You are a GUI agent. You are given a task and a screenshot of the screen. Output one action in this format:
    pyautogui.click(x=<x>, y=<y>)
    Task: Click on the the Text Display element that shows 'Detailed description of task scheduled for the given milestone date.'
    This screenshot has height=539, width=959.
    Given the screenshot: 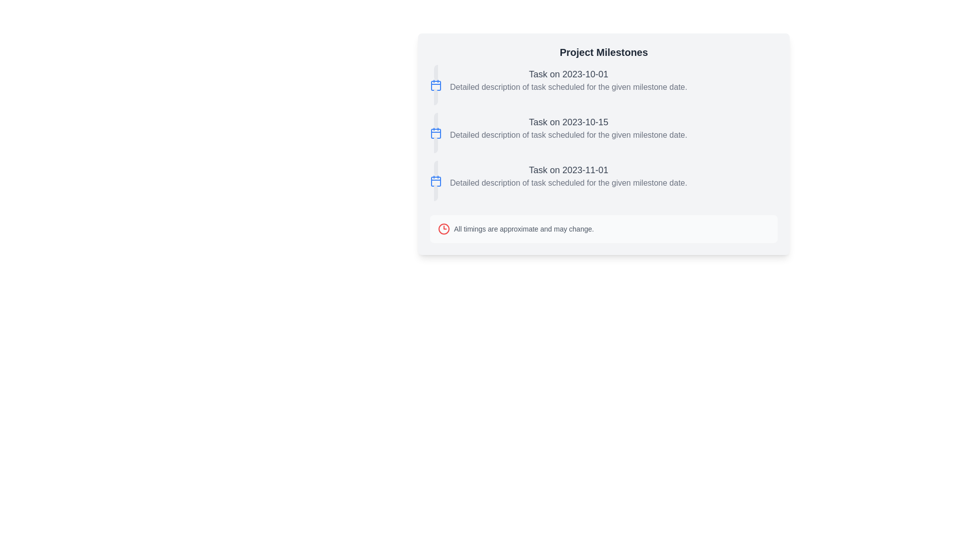 What is the action you would take?
    pyautogui.click(x=568, y=135)
    